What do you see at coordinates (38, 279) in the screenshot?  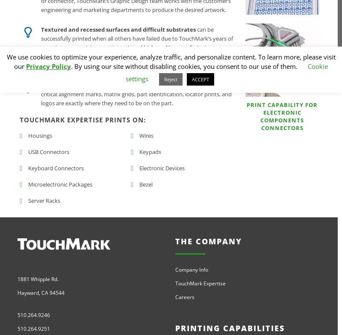 I see `'1881 Whipple Rd.'` at bounding box center [38, 279].